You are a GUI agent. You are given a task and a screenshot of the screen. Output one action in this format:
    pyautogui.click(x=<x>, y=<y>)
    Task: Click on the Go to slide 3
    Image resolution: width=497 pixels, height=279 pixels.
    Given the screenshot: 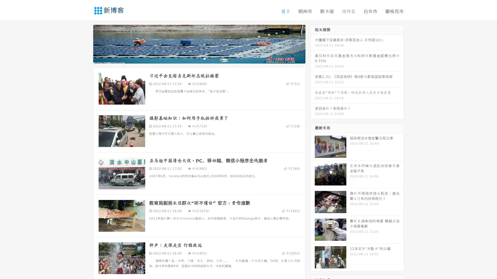 What is the action you would take?
    pyautogui.click(x=204, y=58)
    